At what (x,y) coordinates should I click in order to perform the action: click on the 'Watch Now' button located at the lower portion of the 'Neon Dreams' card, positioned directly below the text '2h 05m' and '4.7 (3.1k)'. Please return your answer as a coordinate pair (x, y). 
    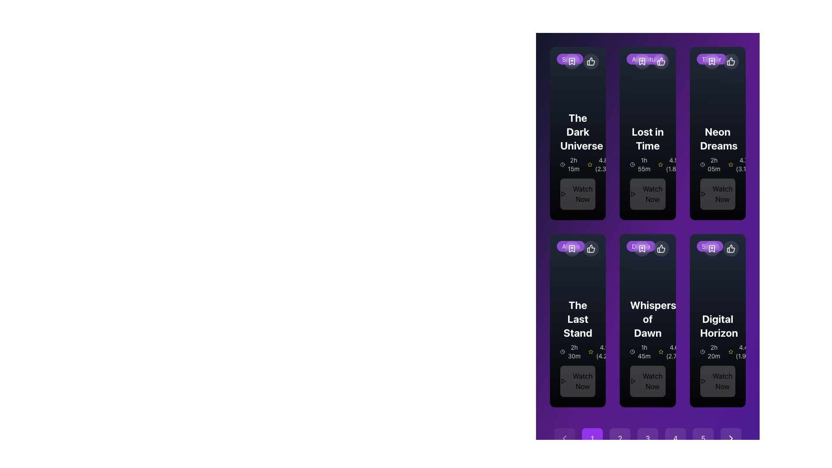
    Looking at the image, I should click on (718, 193).